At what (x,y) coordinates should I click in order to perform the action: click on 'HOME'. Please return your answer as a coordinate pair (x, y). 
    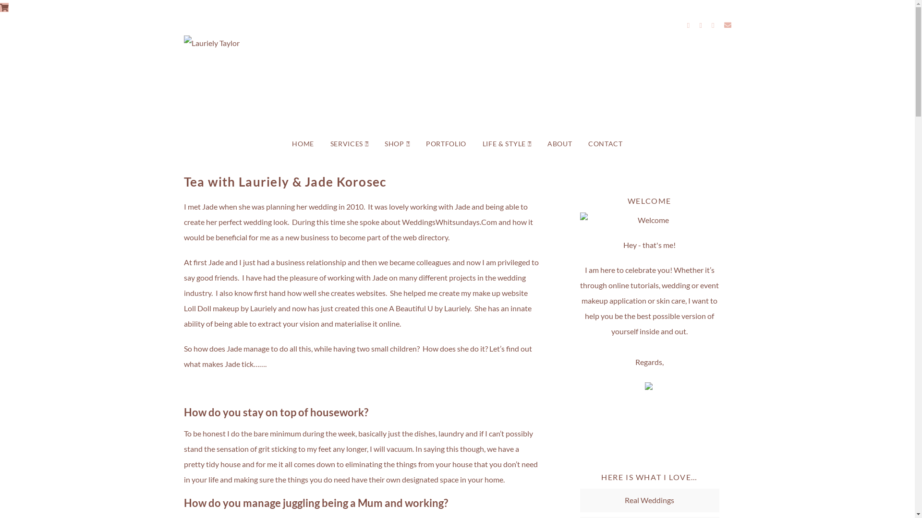
    Looking at the image, I should click on (302, 144).